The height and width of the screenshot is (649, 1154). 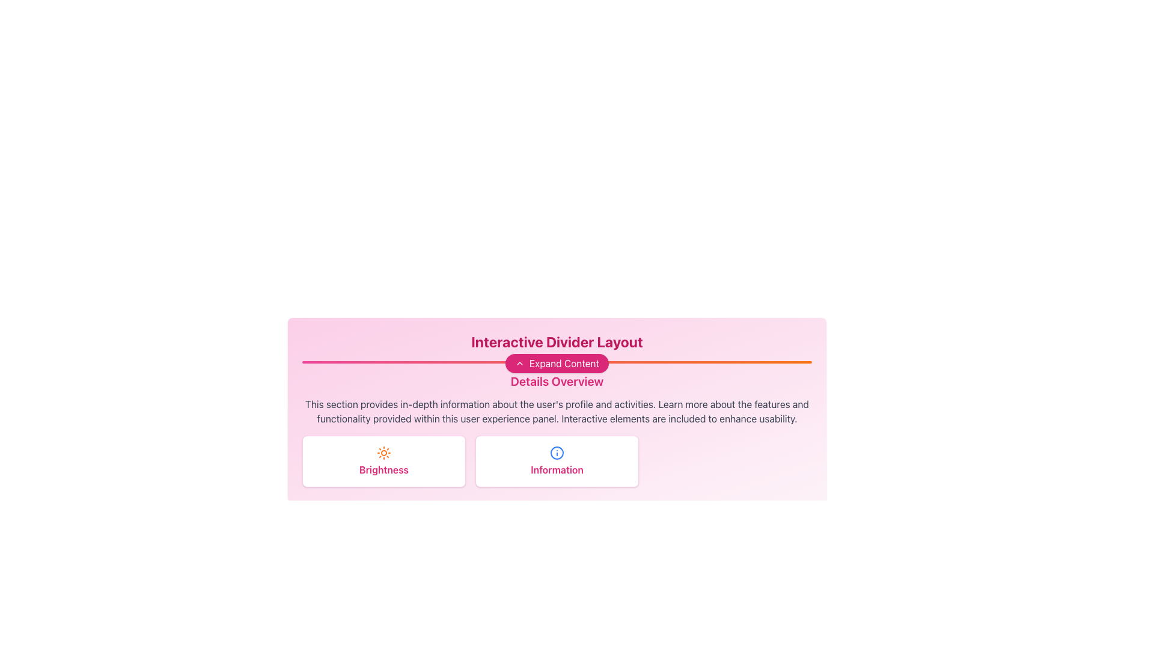 I want to click on the orange sun icon that symbolizes brightness, which is located above the 'Brightness' label on a rounded white card within a pink-themed interface, so click(x=383, y=452).